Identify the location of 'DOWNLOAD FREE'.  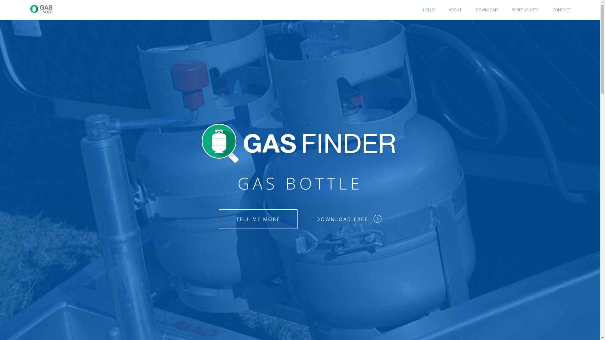
(349, 218).